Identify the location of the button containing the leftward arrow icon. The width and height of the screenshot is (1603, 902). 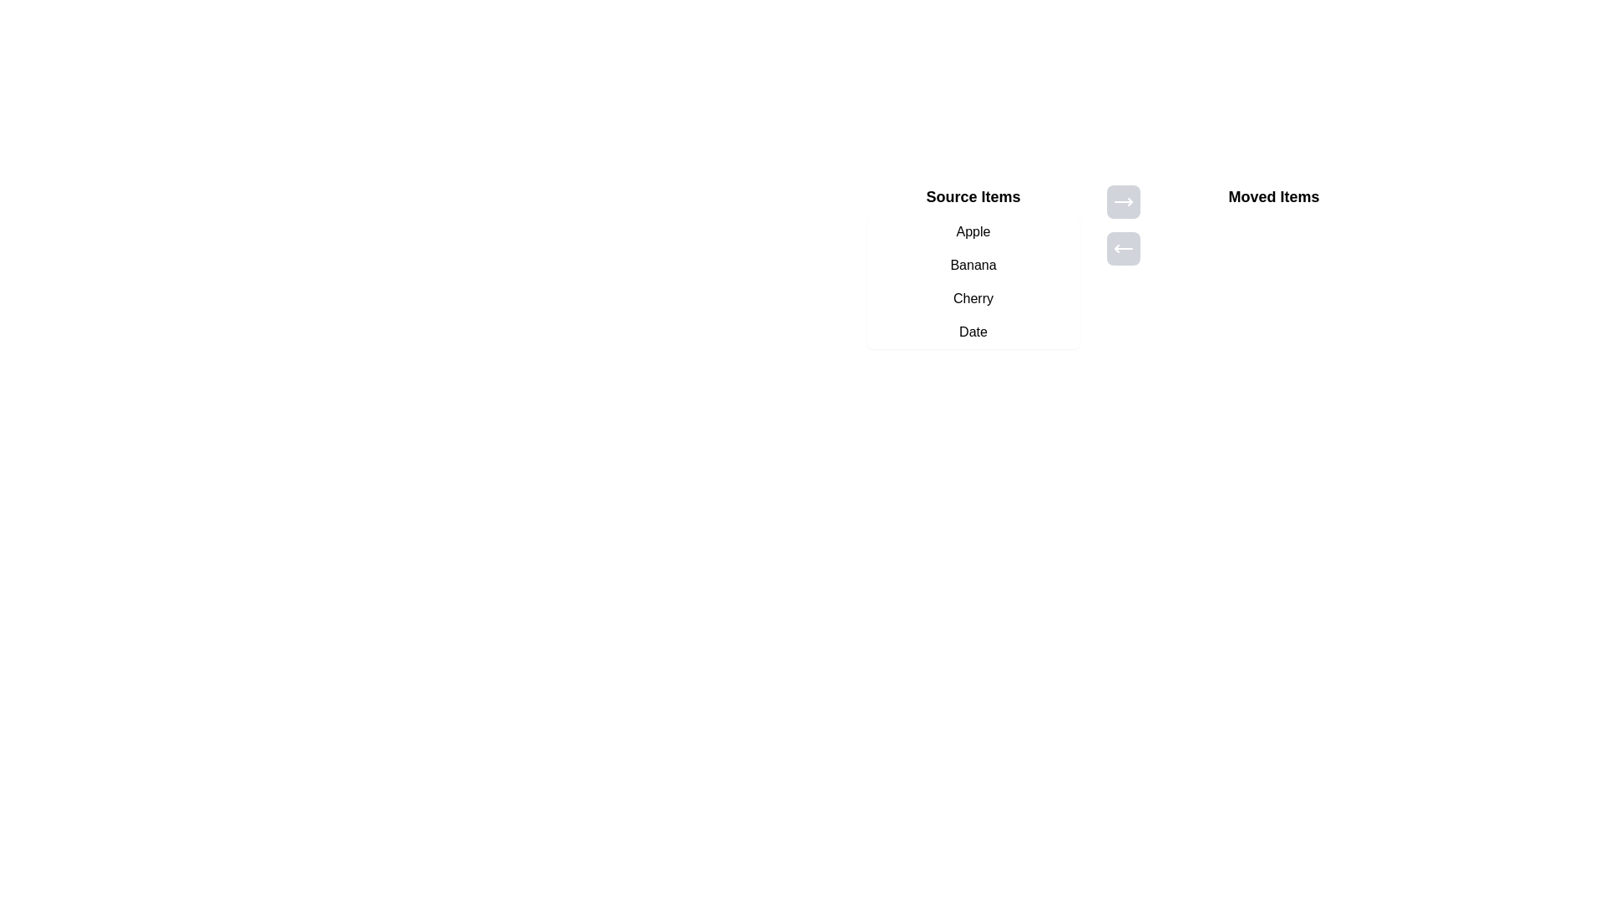
(1123, 248).